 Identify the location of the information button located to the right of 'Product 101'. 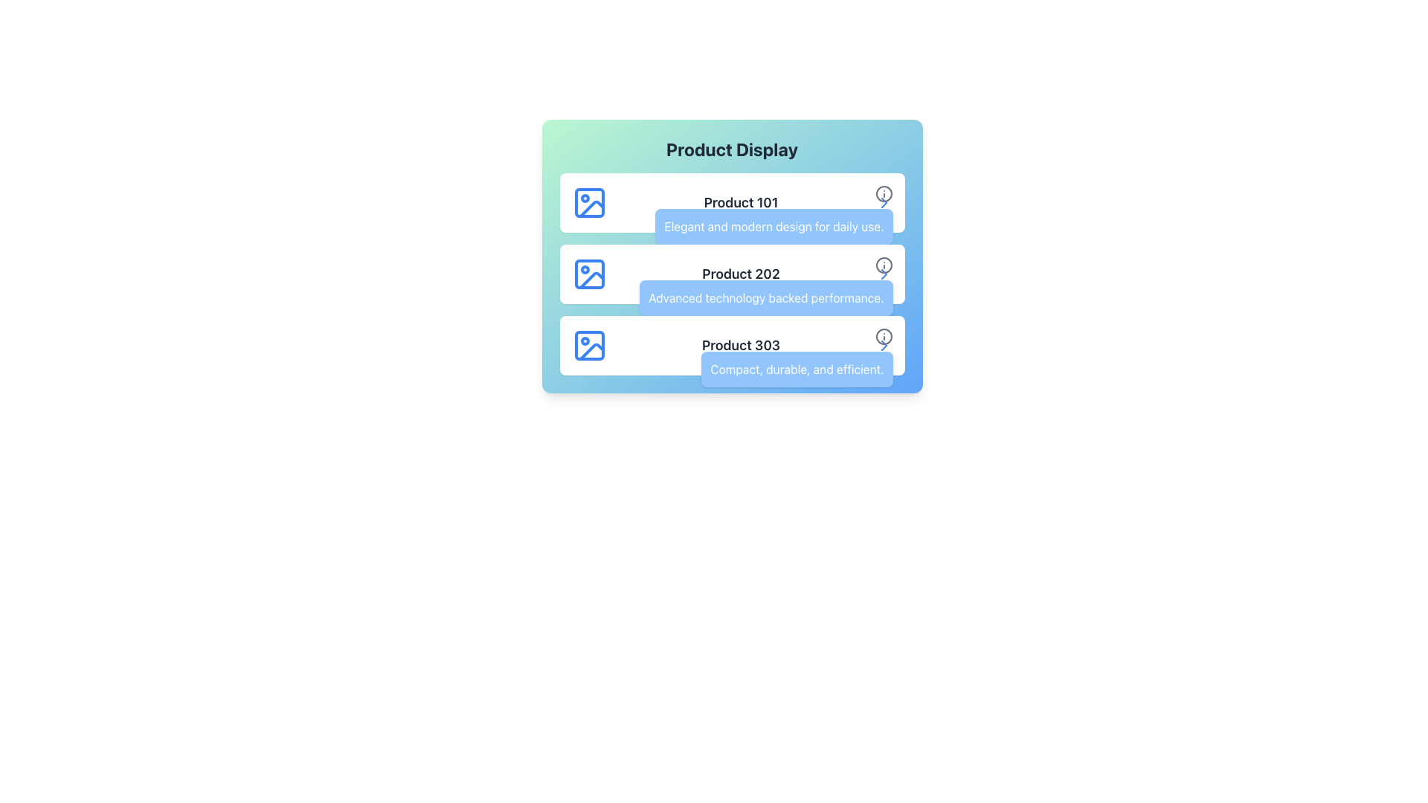
(884, 193).